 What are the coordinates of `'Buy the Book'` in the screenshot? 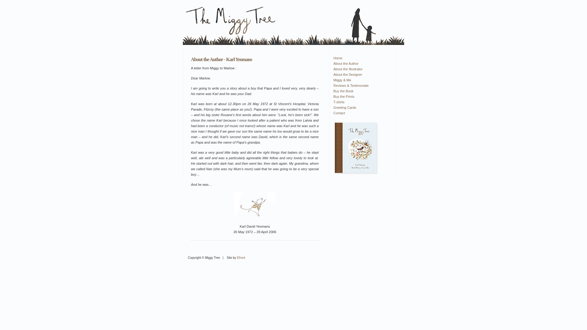 It's located at (361, 91).